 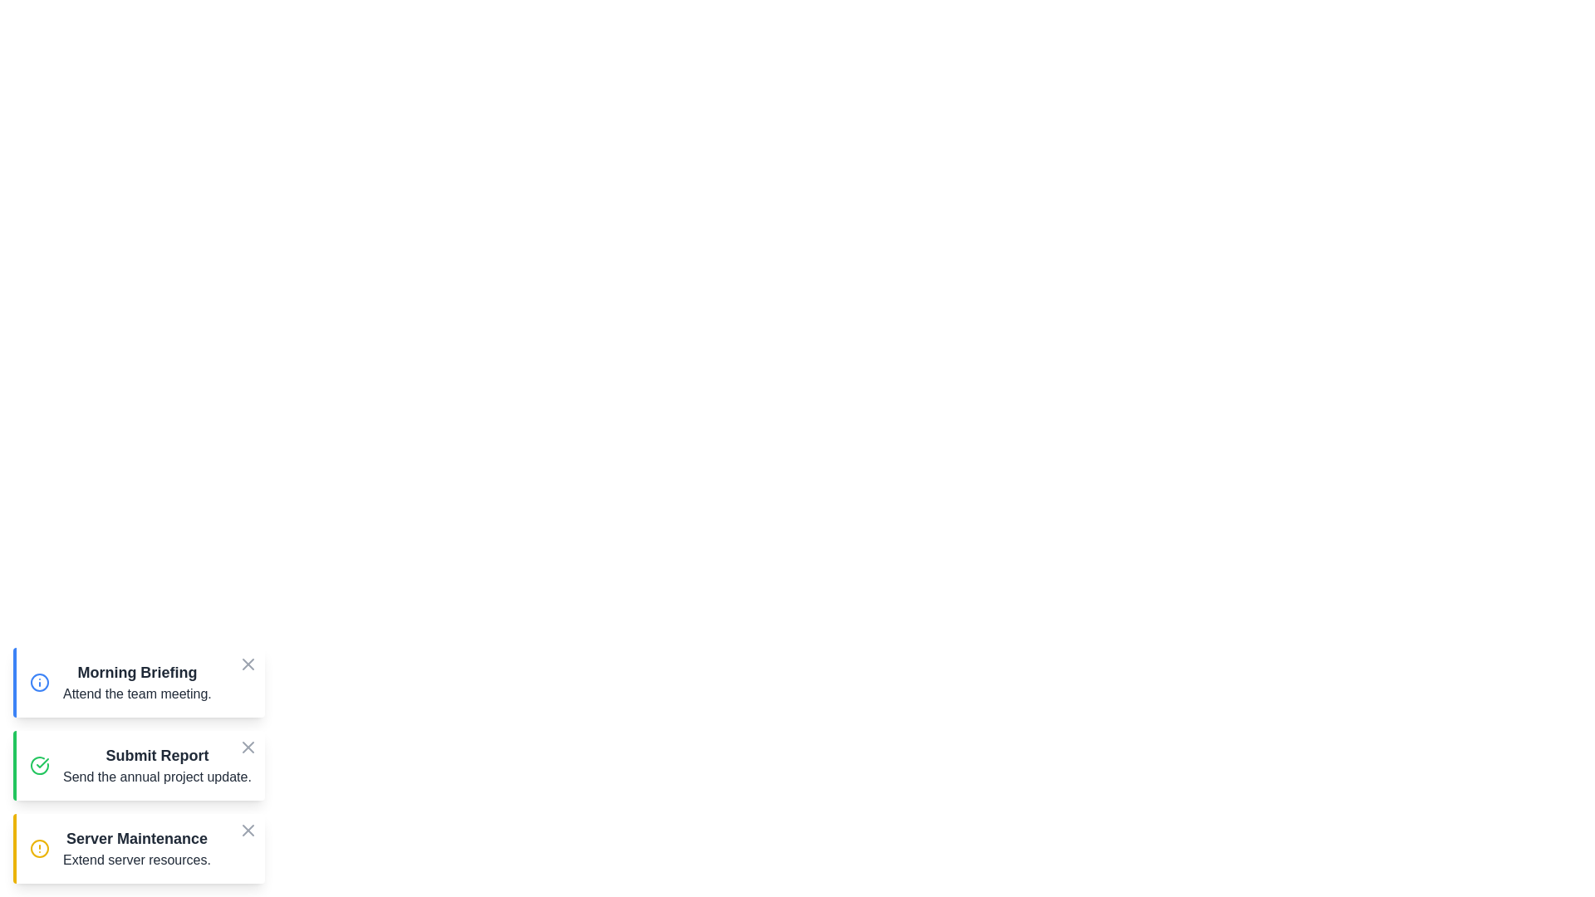 What do you see at coordinates (40, 682) in the screenshot?
I see `the Informational Icon located on the left side of the 'Morning Briefing' row, which symbolizes additional information related to the content` at bounding box center [40, 682].